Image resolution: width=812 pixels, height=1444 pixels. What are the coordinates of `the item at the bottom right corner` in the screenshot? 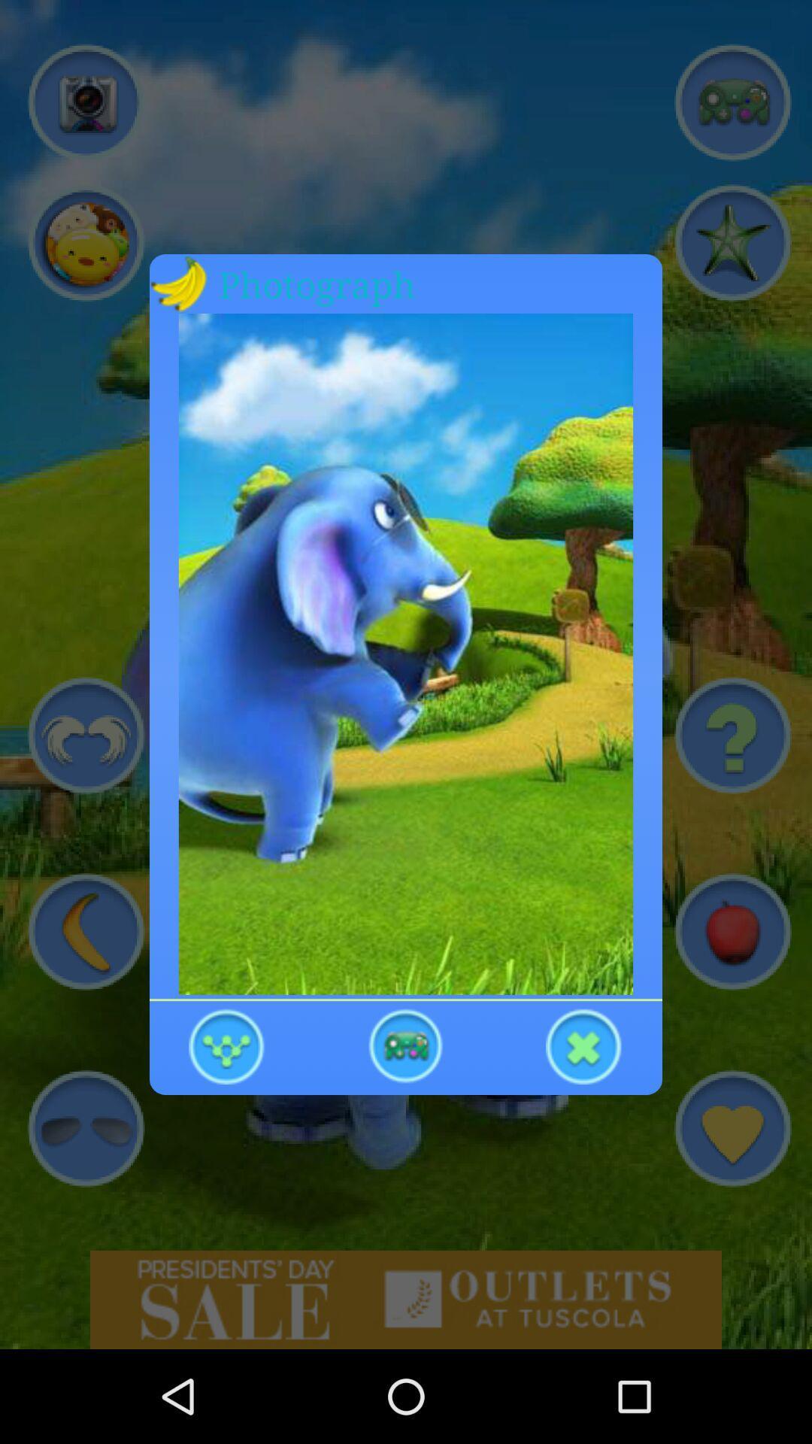 It's located at (583, 1045).